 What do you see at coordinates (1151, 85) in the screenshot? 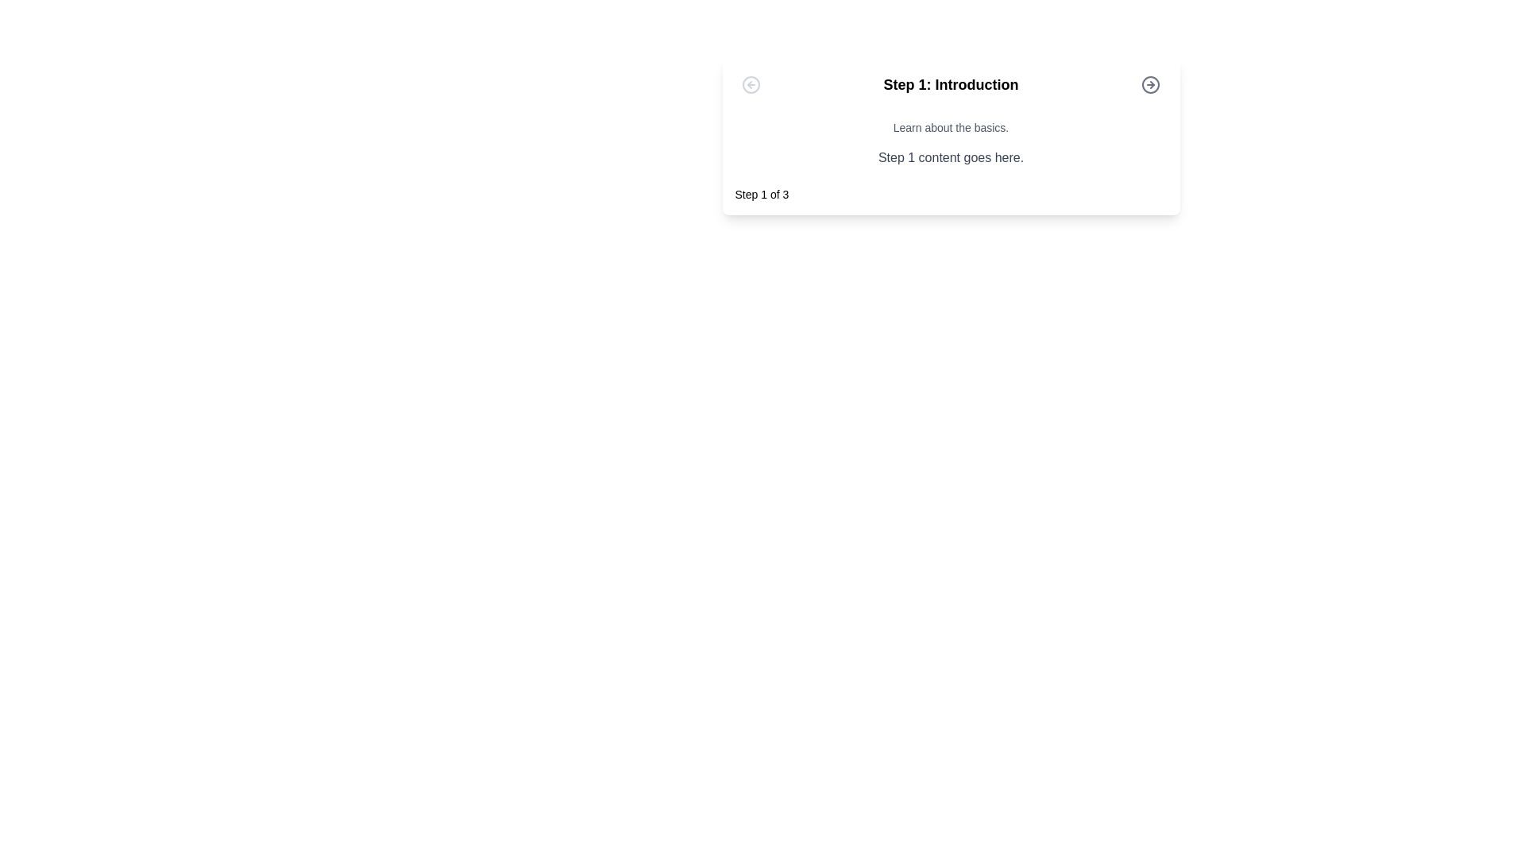
I see `the circular button with a rightward-pointing arrow icon located at the top-right corner of the 'Step 1: Introduction' card to change its color to blue` at bounding box center [1151, 85].